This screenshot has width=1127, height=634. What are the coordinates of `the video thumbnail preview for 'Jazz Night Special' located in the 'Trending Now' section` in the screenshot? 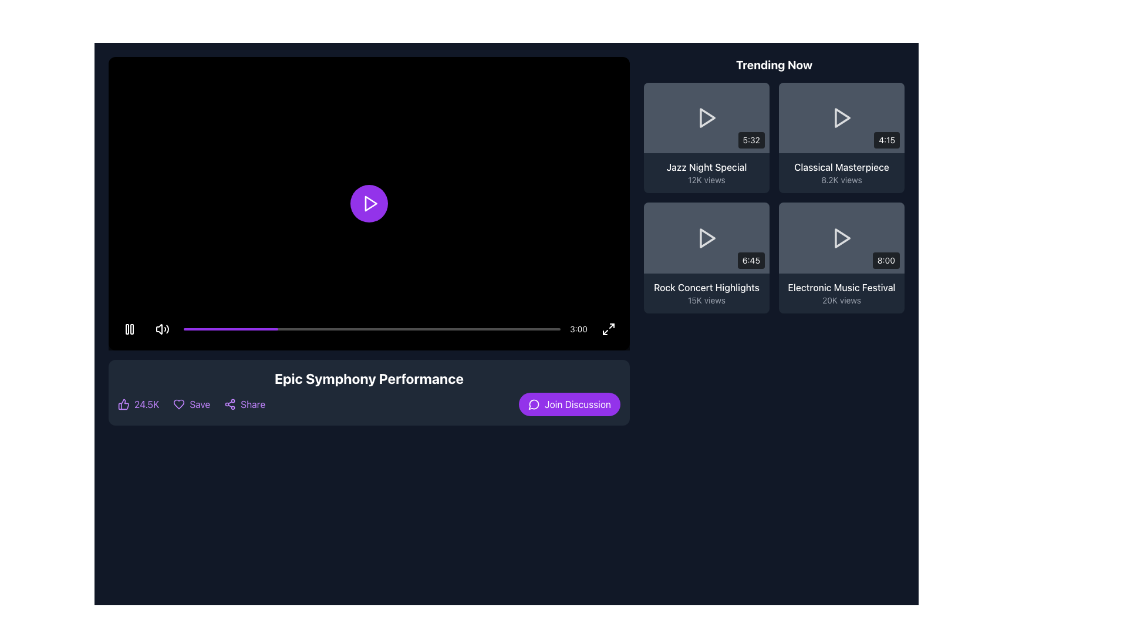 It's located at (706, 117).